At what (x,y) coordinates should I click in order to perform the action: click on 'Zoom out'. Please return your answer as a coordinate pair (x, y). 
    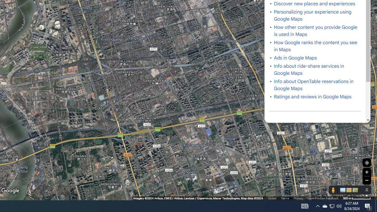
    Looking at the image, I should click on (366, 180).